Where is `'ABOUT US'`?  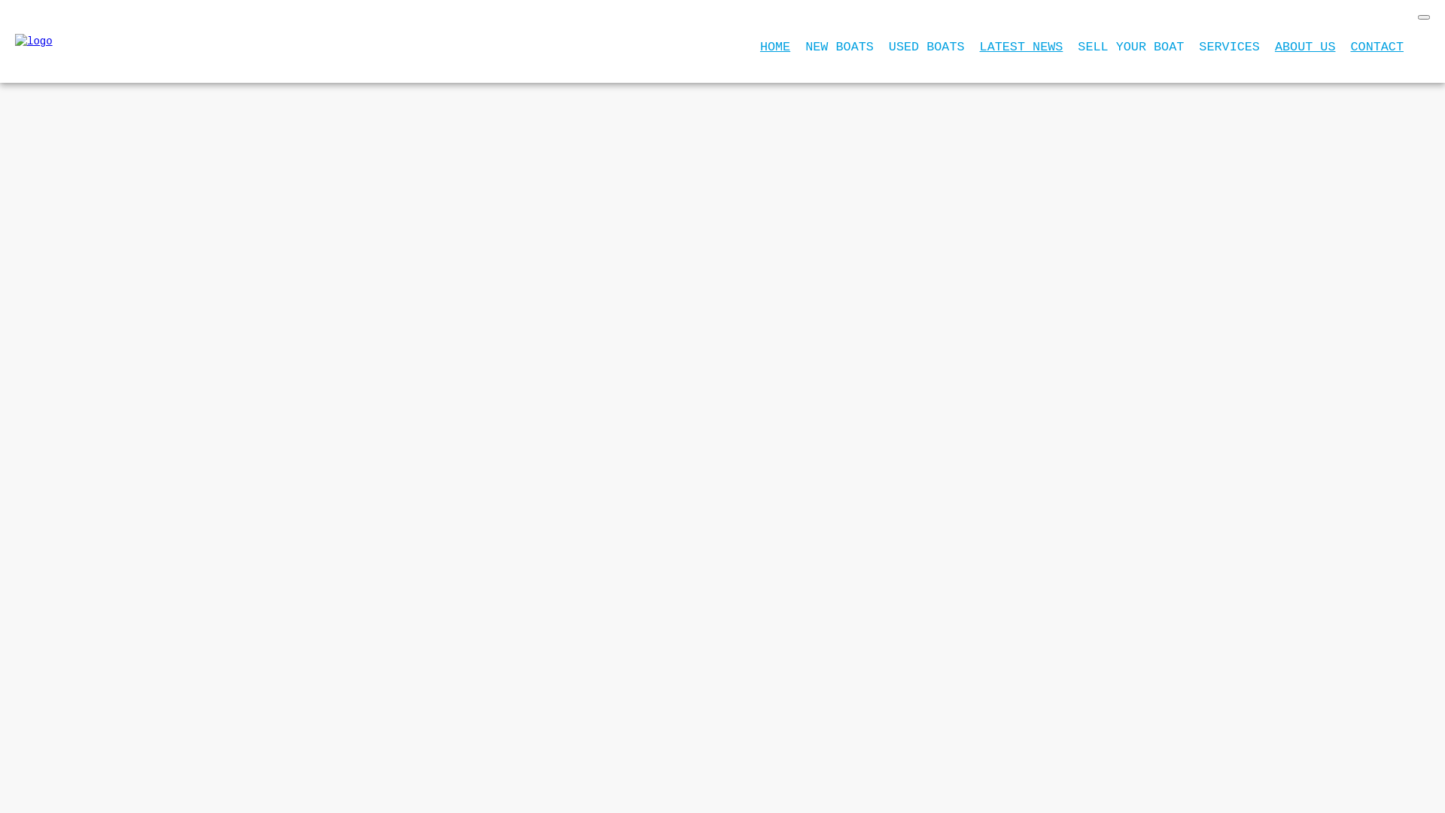
'ABOUT US' is located at coordinates (1304, 46).